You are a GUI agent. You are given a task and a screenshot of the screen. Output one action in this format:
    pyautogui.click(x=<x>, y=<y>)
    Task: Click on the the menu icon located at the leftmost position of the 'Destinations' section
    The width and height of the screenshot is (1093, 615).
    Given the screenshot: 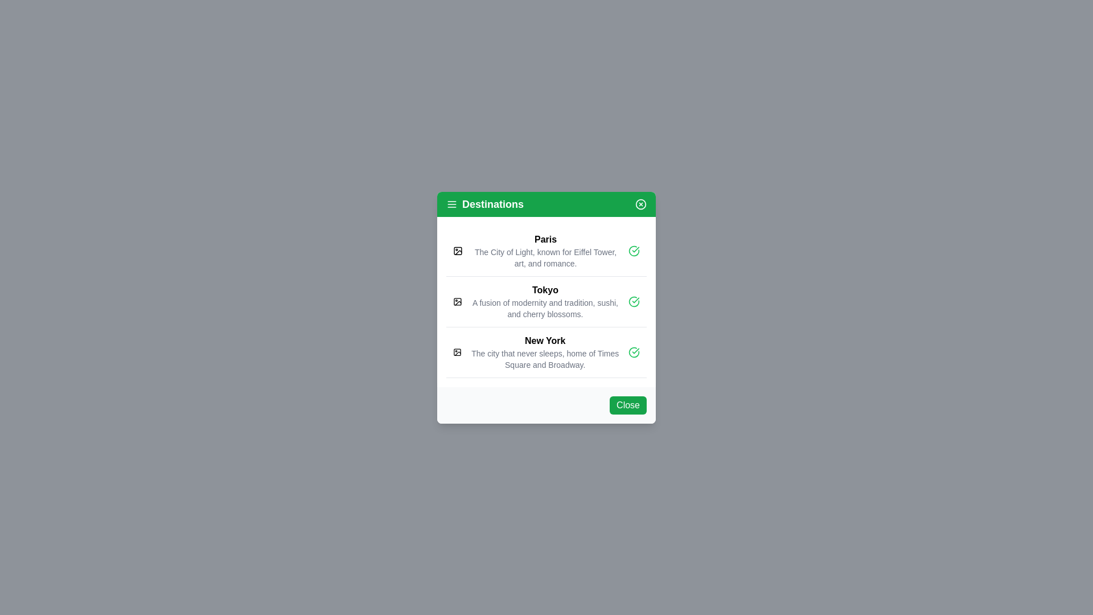 What is the action you would take?
    pyautogui.click(x=451, y=203)
    